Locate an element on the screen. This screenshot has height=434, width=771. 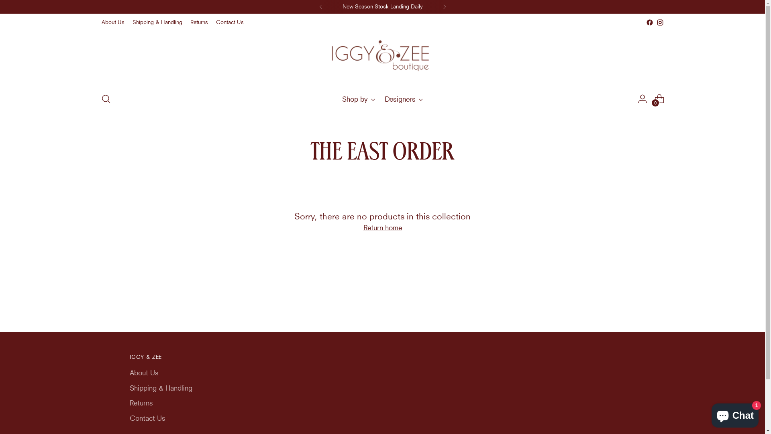
'Next' is located at coordinates (435, 6).